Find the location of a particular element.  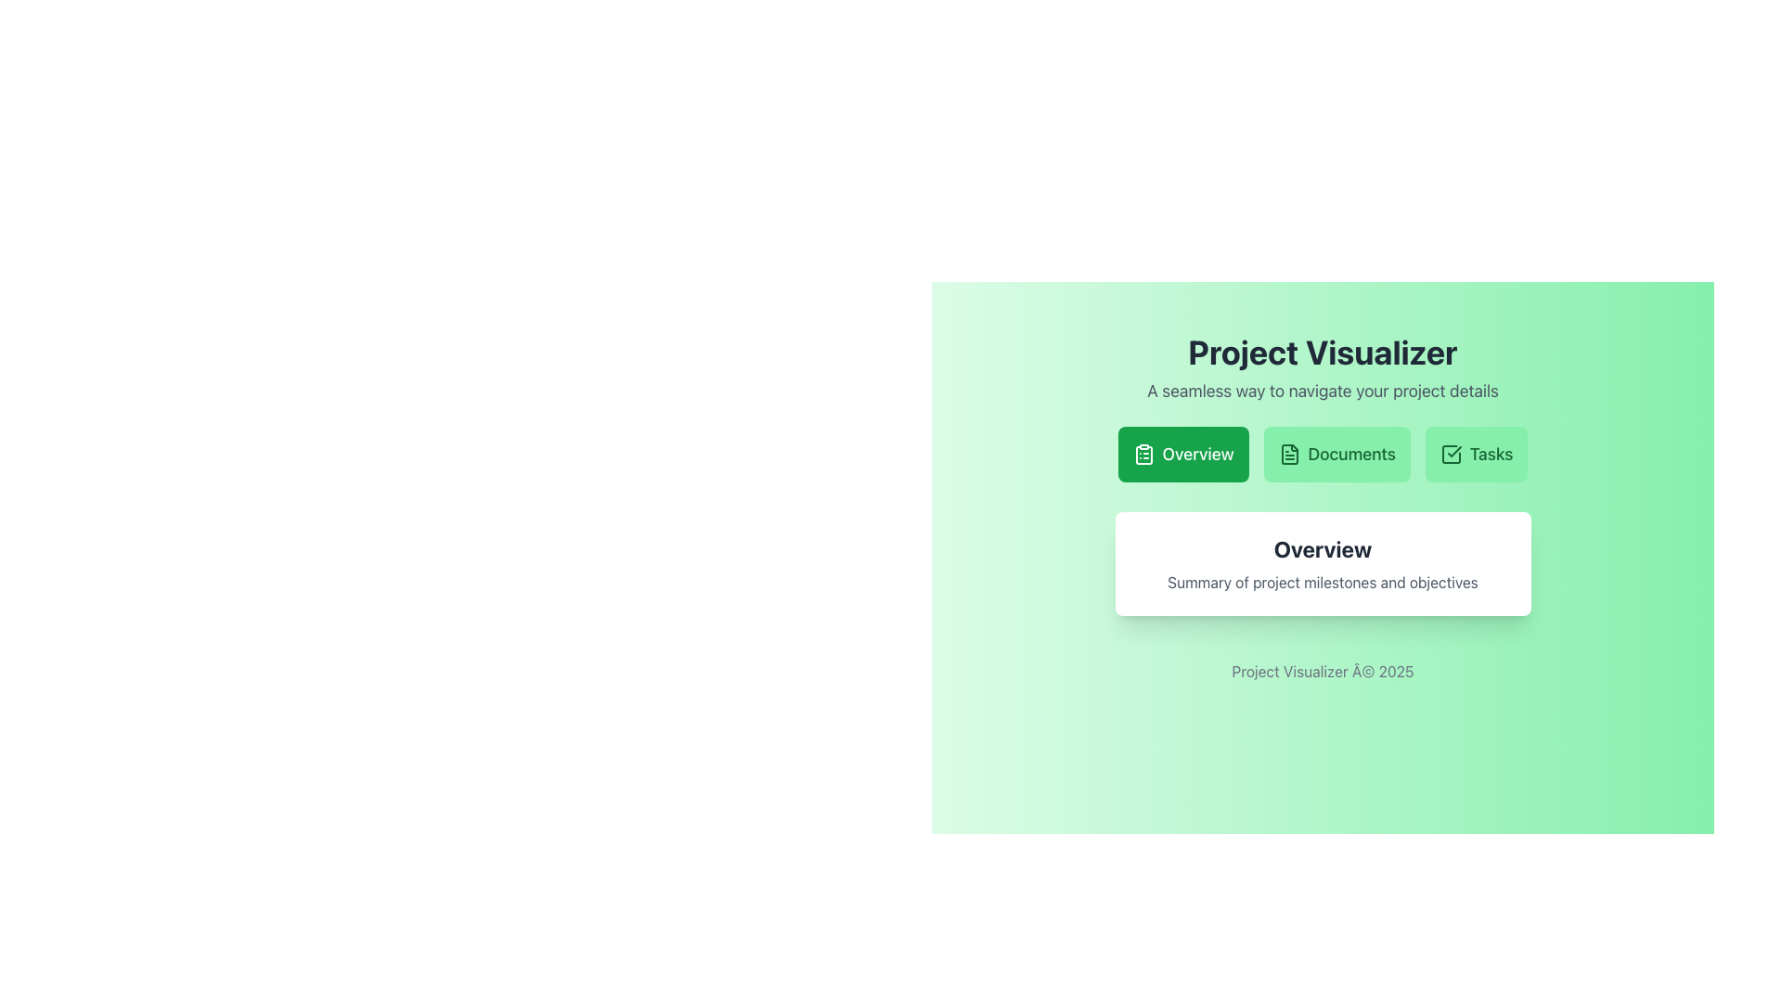

the green 'Overview' button with a clipboard icon located on the leftmost side of the button row under 'Project Visualizer' is located at coordinates (1182, 454).